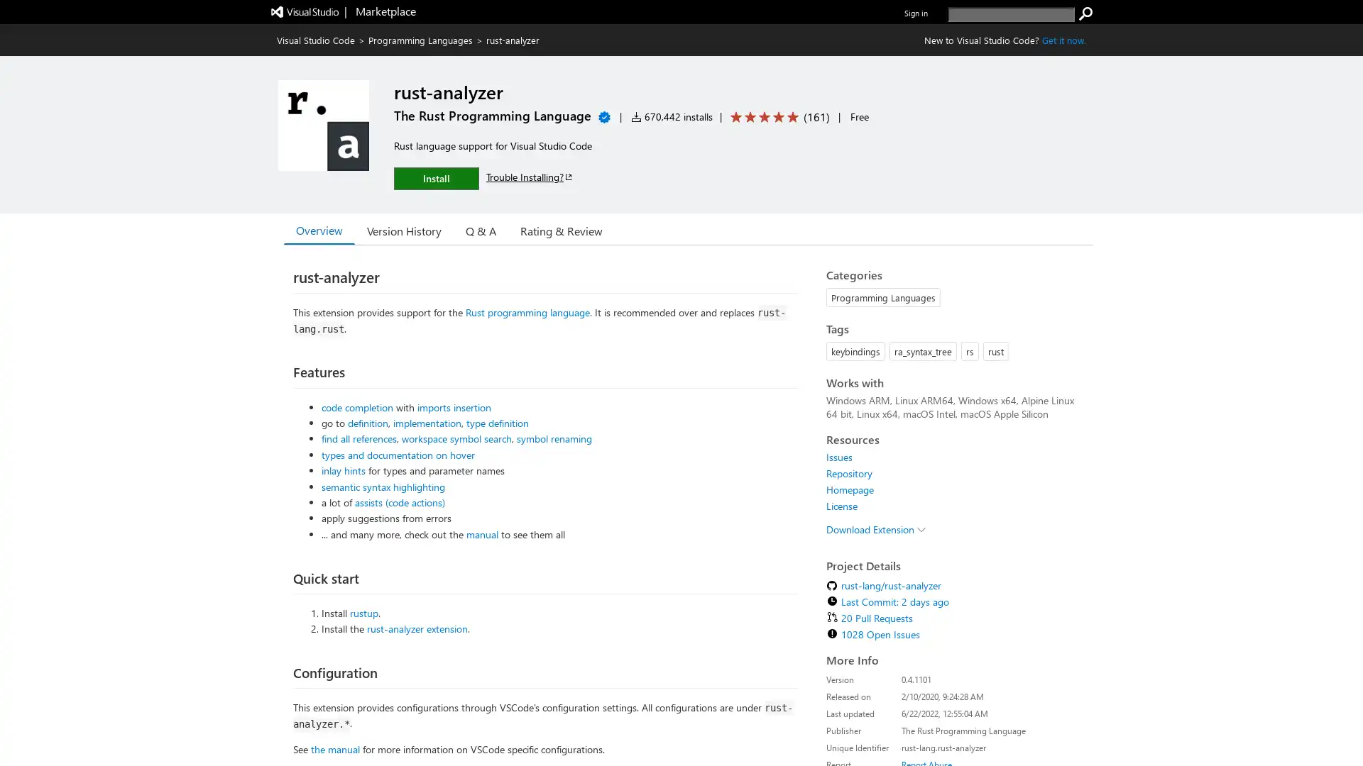 The width and height of the screenshot is (1363, 766). Describe the element at coordinates (403, 229) in the screenshot. I see `Version History` at that location.